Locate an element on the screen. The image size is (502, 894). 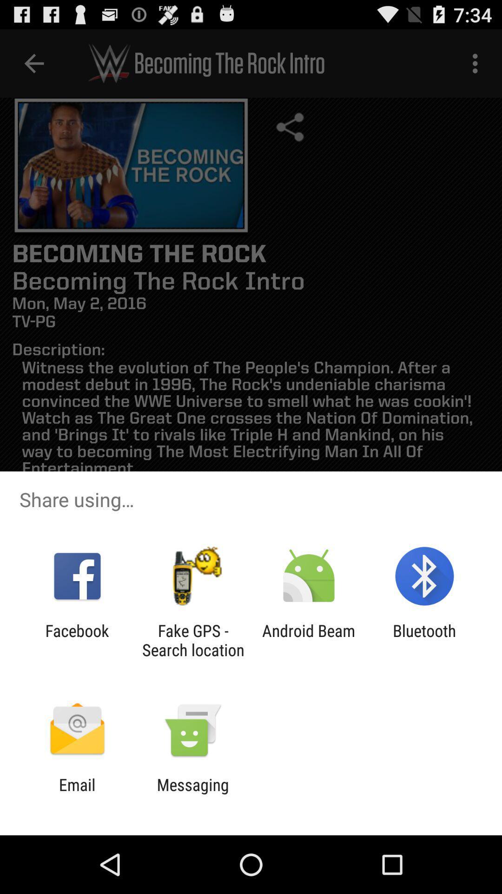
facebook app is located at coordinates (77, 640).